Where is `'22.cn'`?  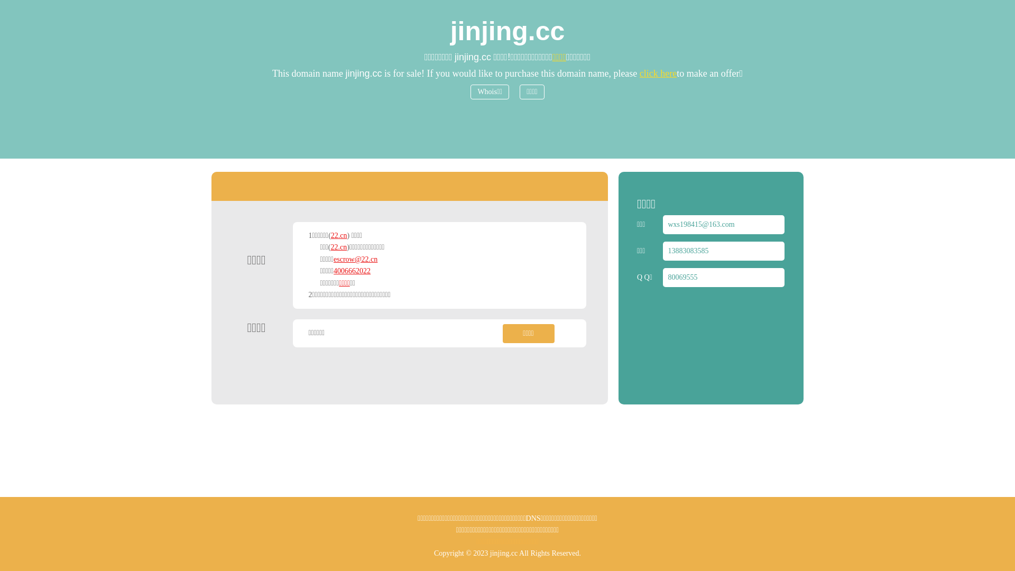 '22.cn' is located at coordinates (330, 235).